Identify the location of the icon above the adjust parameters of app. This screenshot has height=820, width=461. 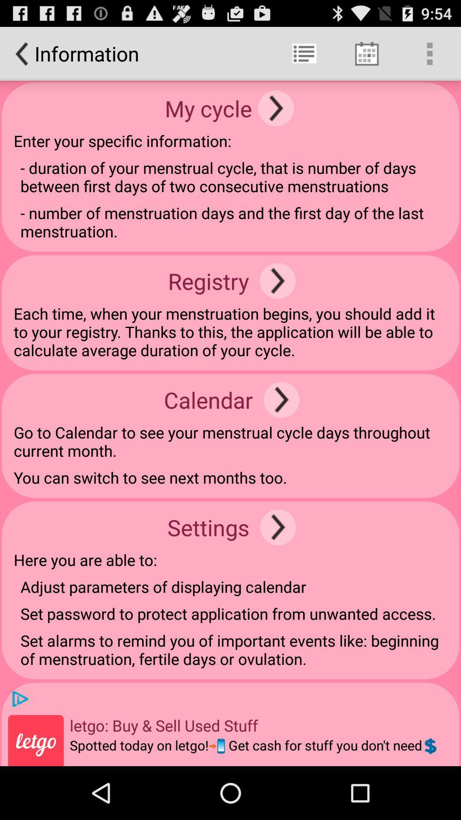
(278, 527).